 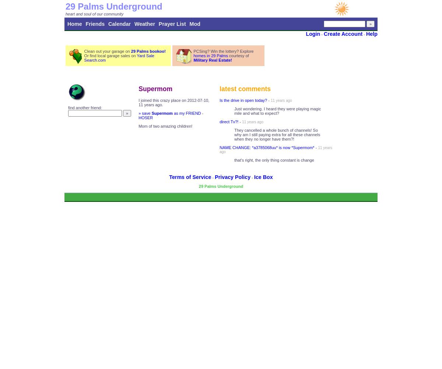 What do you see at coordinates (193, 56) in the screenshot?
I see `'homes in 29 Palms'` at bounding box center [193, 56].